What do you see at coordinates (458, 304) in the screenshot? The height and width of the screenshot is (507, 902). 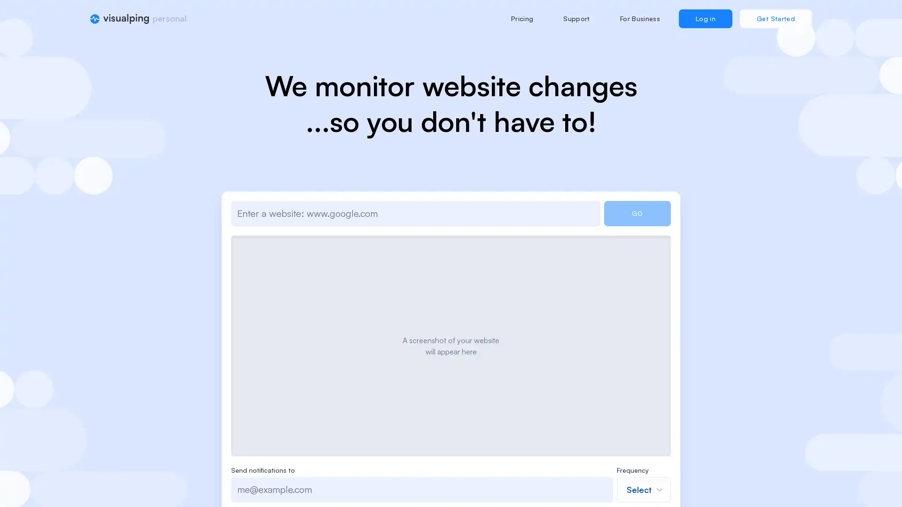 I see `Got it` at bounding box center [458, 304].